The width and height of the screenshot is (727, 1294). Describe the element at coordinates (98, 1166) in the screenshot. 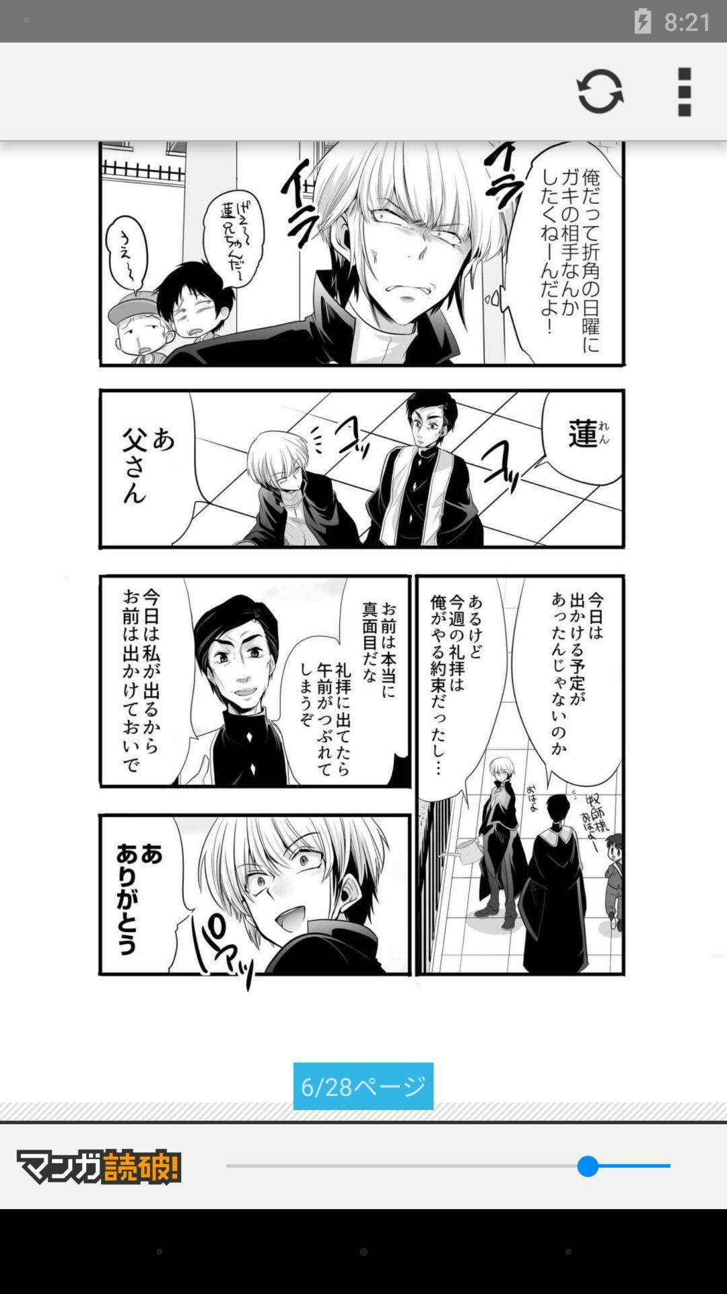

I see `the icon at the bottom left corner` at that location.